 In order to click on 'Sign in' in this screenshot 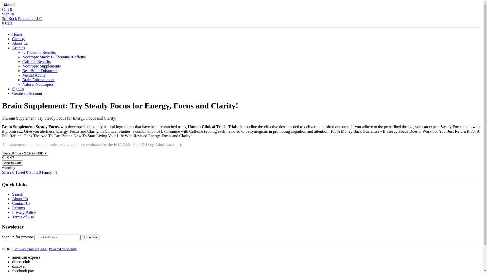, I will do `click(18, 88)`.